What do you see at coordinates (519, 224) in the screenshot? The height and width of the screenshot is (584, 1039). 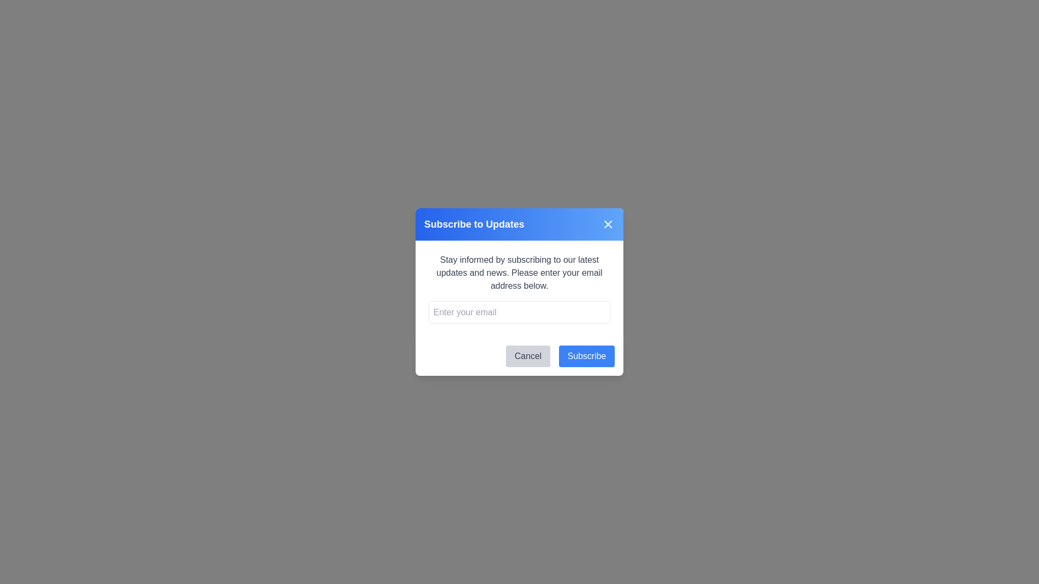 I see `the dialog header to interact with it` at bounding box center [519, 224].